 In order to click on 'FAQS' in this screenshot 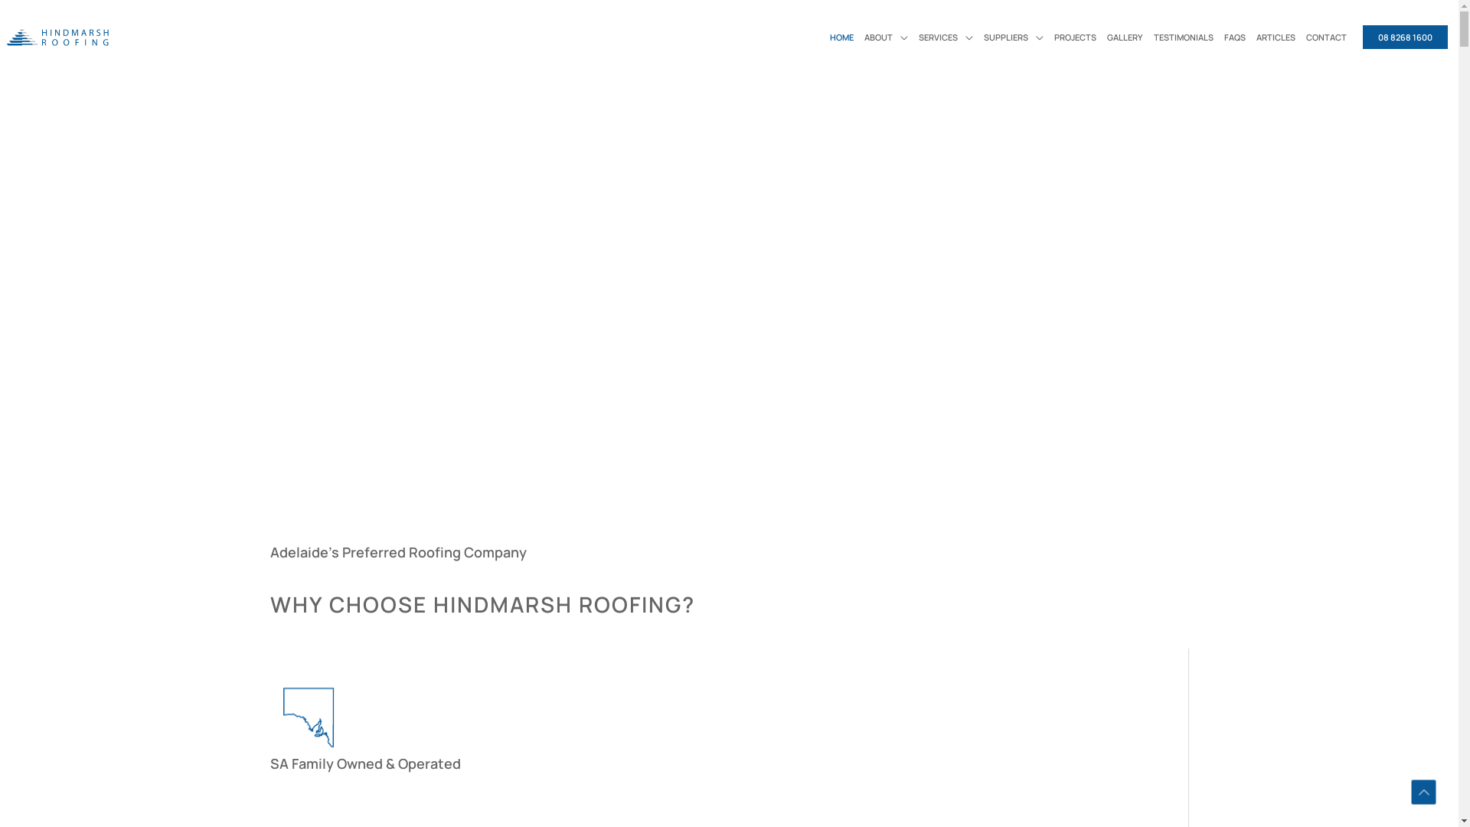, I will do `click(1234, 37)`.